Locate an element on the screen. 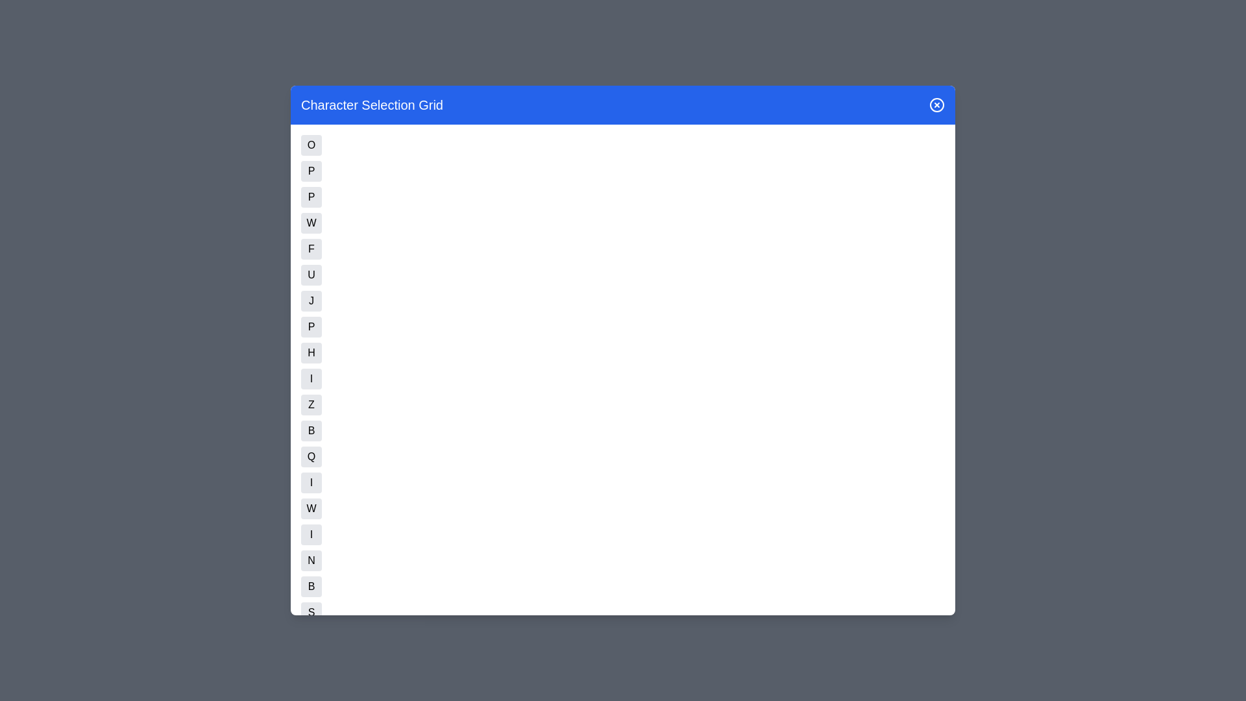  the button corresponding to character O is located at coordinates (311, 145).